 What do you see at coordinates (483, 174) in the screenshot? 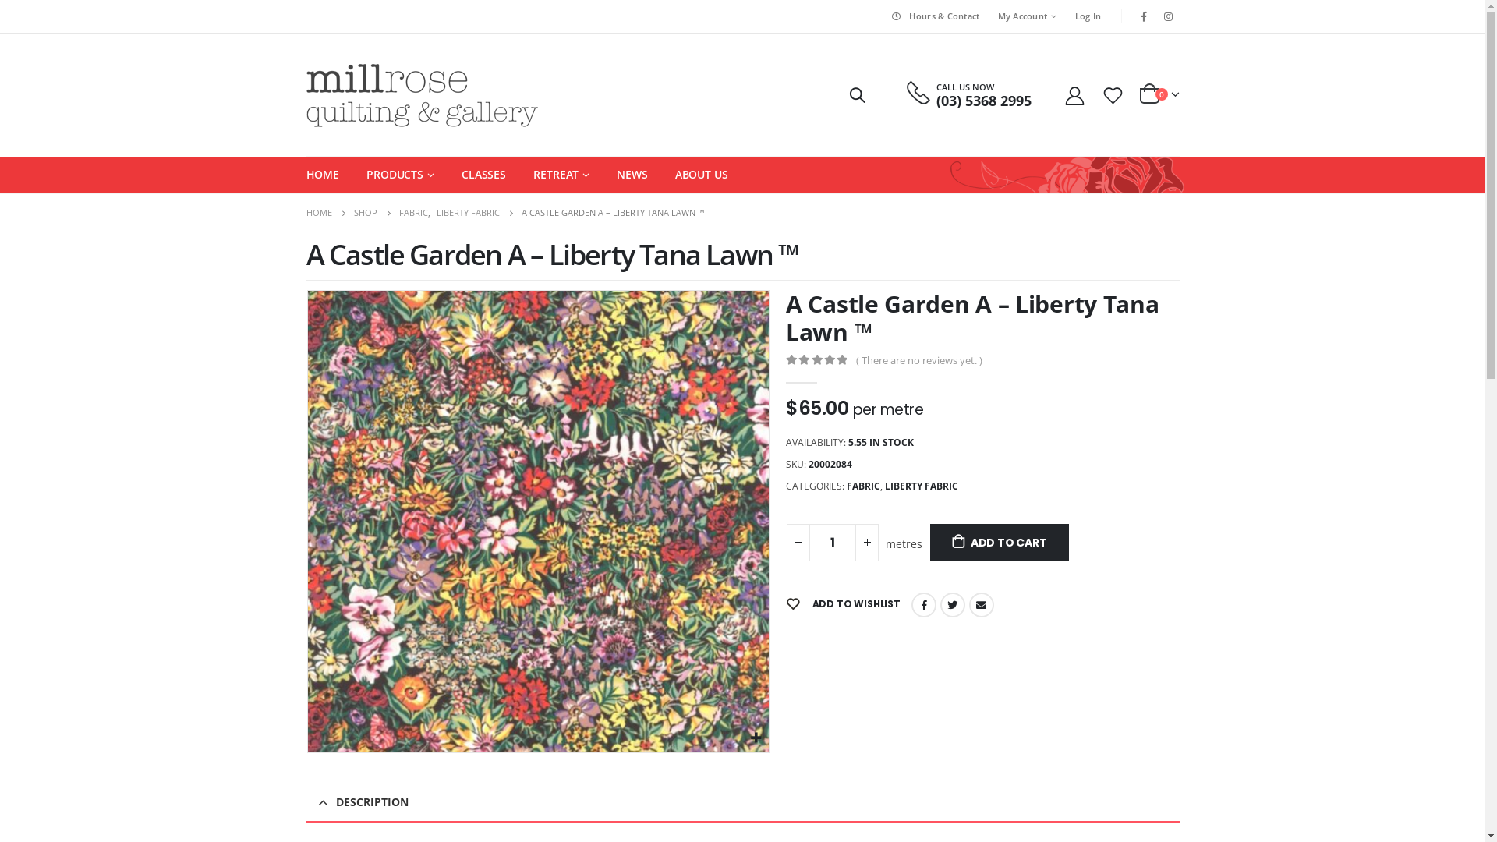
I see `'CLASSES'` at bounding box center [483, 174].